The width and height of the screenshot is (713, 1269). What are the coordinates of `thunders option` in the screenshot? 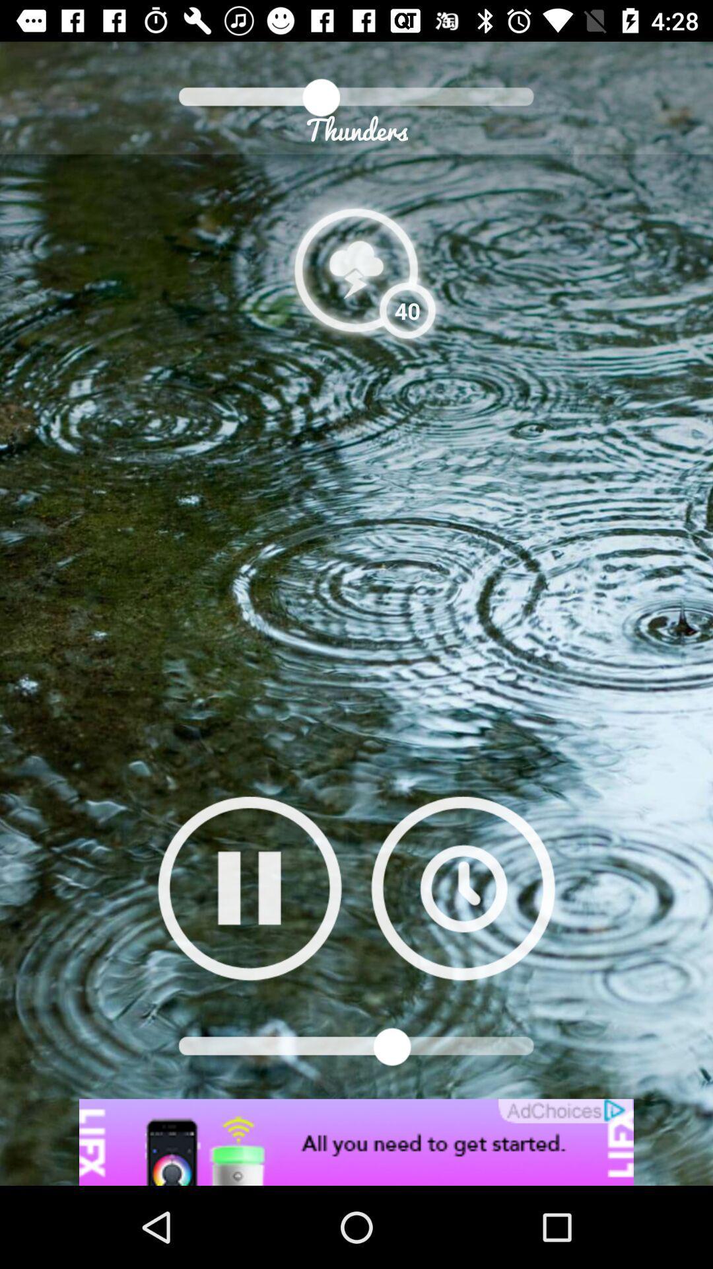 It's located at (355, 269).